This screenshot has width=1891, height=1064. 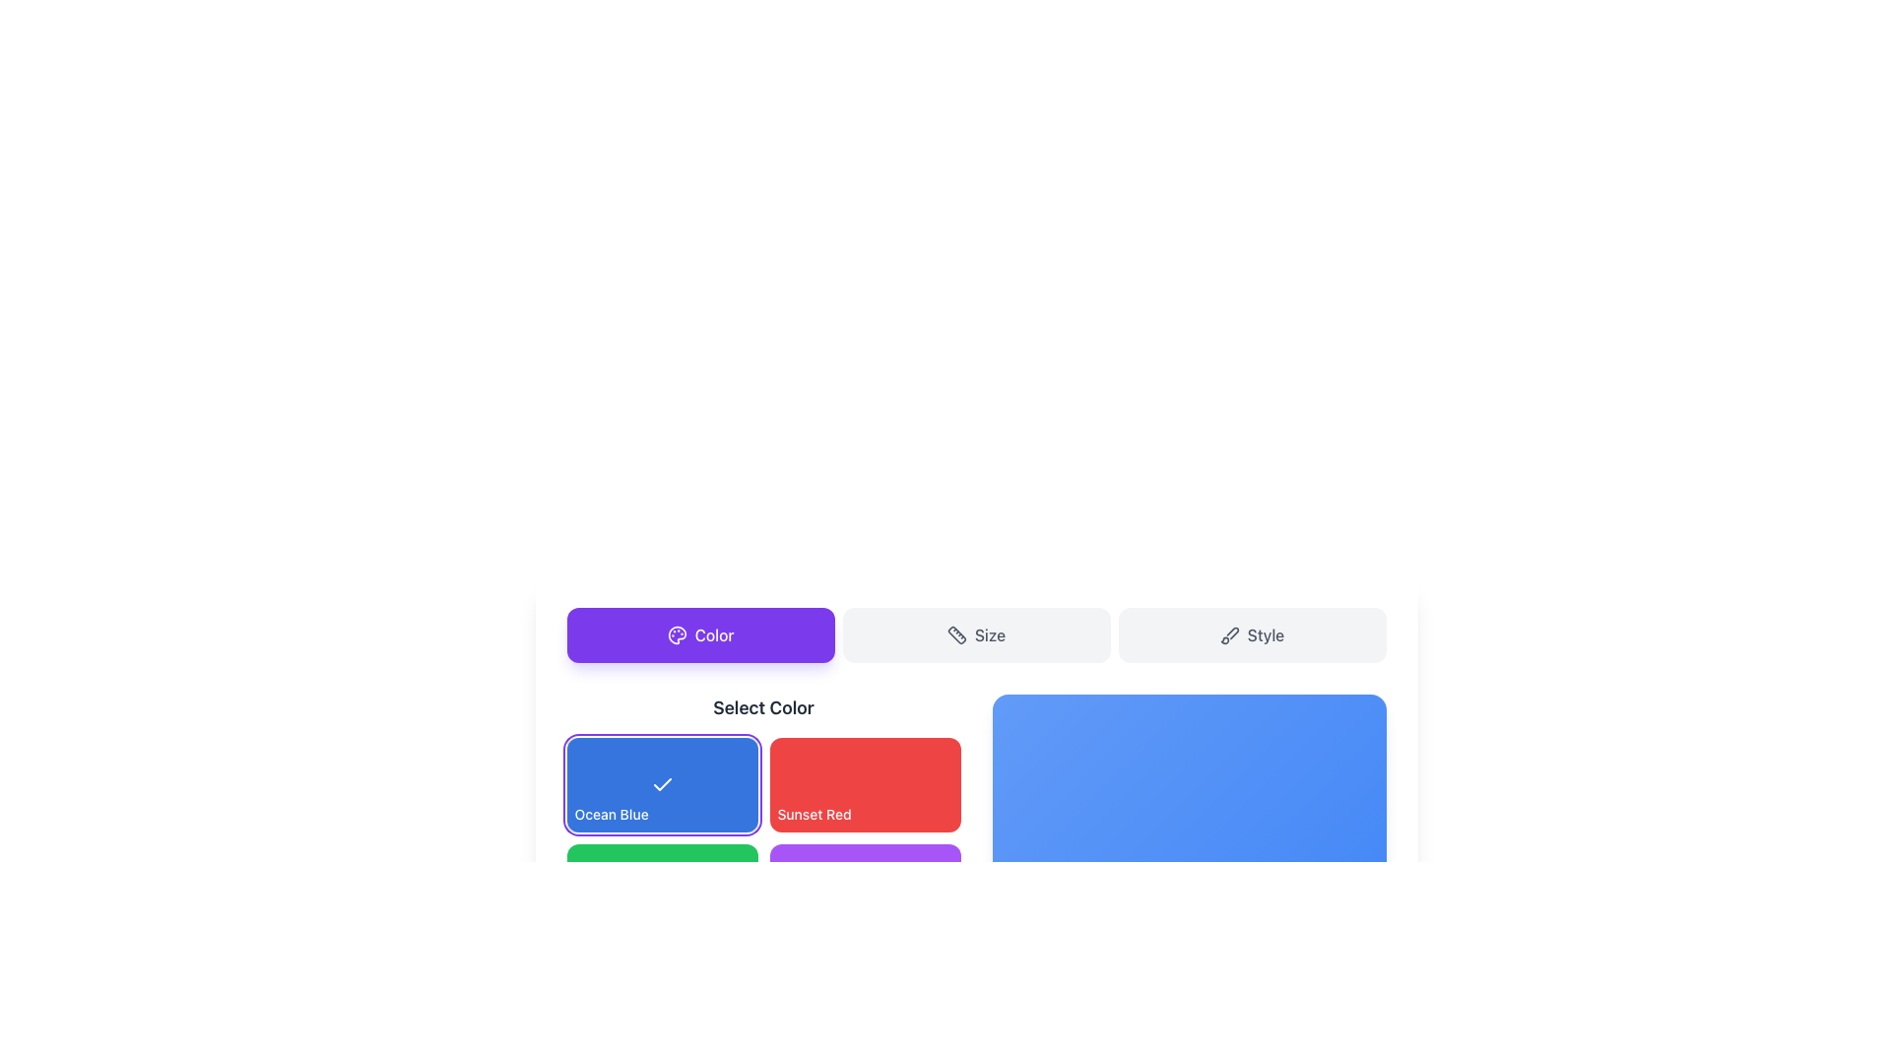 I want to click on the 'Color' button, which is the first button in a group of three buttons labeled 'Color,' 'Size,' and 'Style', so click(x=700, y=634).